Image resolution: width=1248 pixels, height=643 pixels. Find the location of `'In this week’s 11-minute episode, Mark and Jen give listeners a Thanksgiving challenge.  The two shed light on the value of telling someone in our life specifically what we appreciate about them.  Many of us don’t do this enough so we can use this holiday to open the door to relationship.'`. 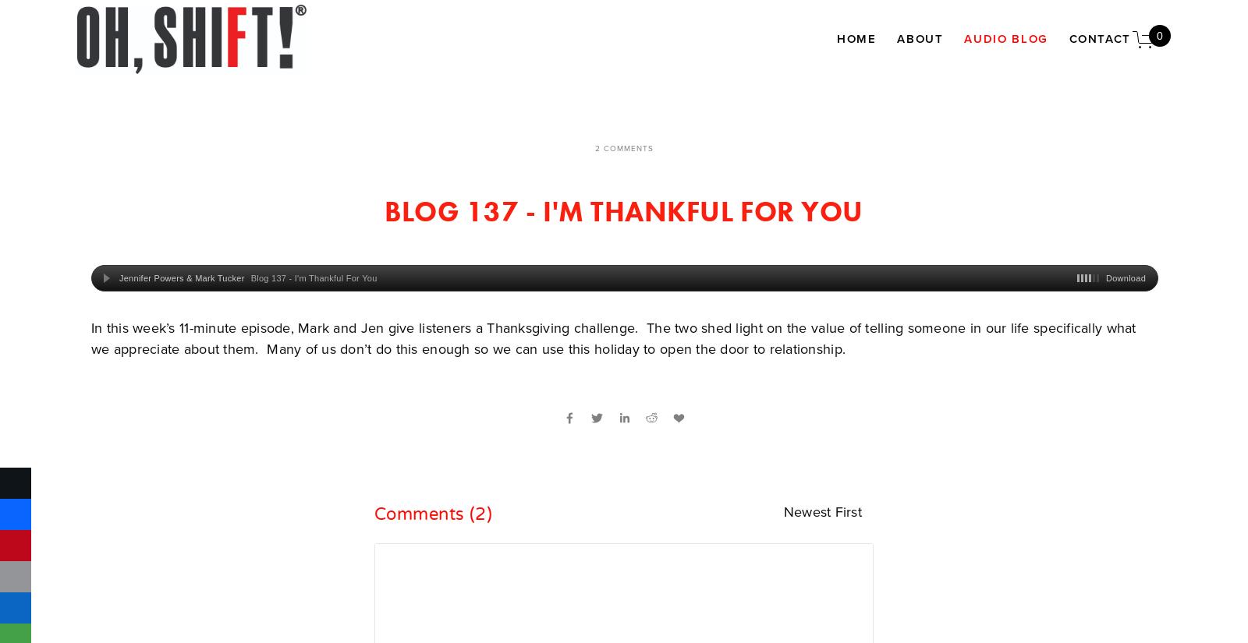

'In this week’s 11-minute episode, Mark and Jen give listeners a Thanksgiving challenge.  The two shed light on the value of telling someone in our life specifically what we appreciate about them.  Many of us don’t do this enough so we can use this holiday to open the door to relationship.' is located at coordinates (615, 337).